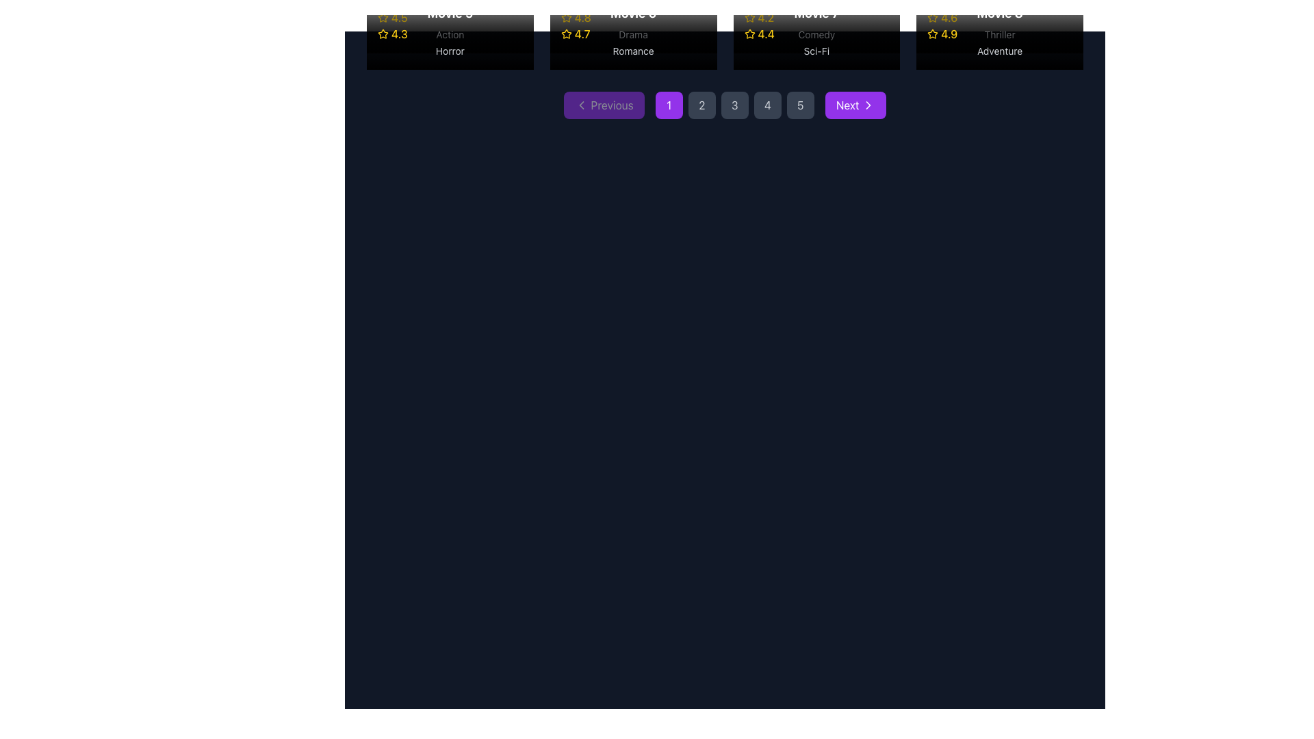 This screenshot has height=739, width=1314. Describe the element at coordinates (669, 105) in the screenshot. I see `the square button with a purple background and white text "1"` at that location.